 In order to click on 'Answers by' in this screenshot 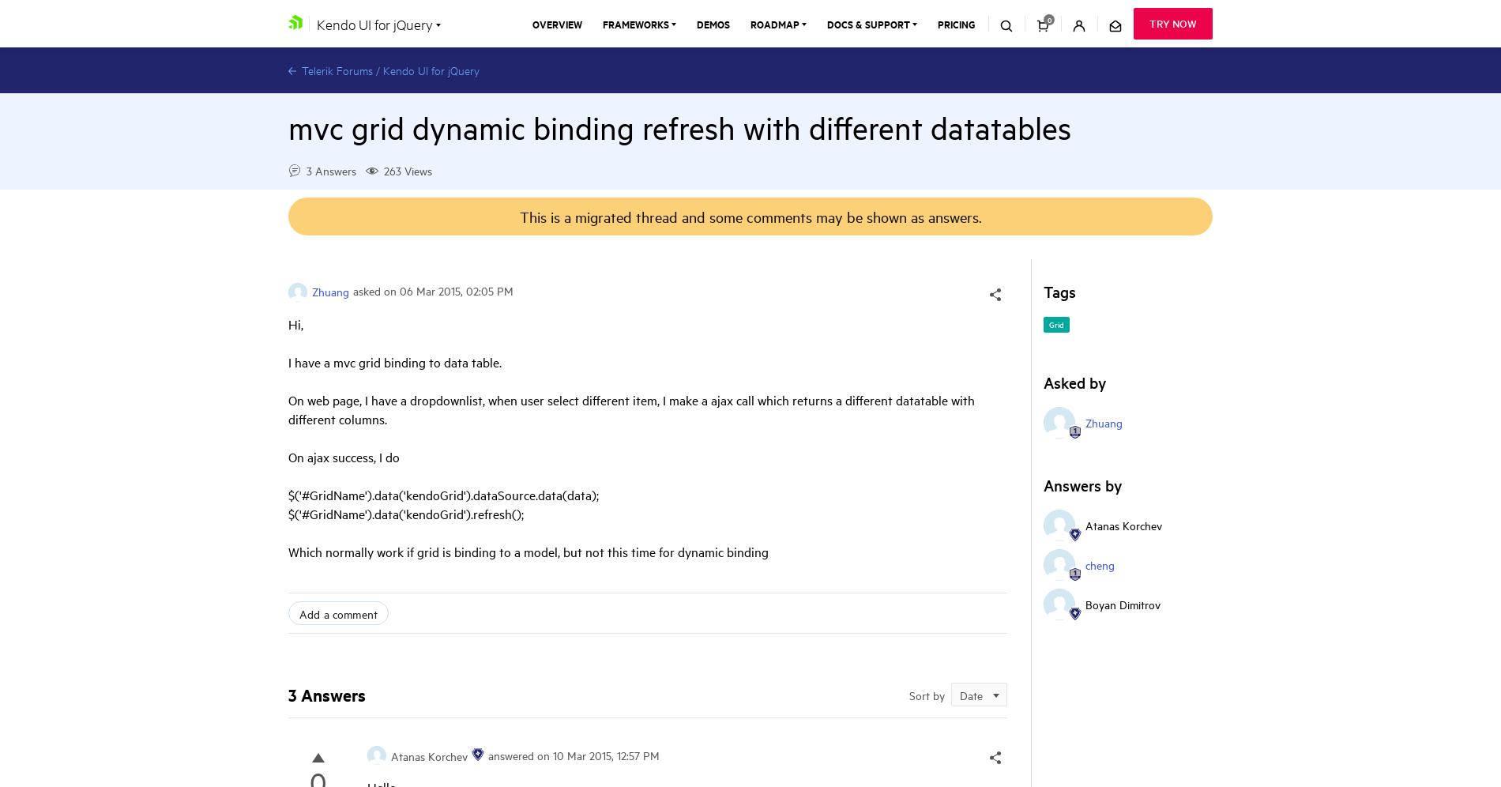, I will do `click(1082, 484)`.